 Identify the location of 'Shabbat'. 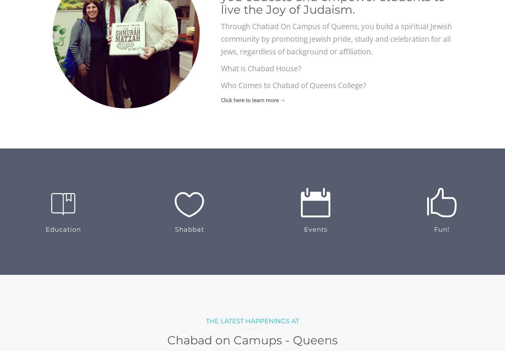
(189, 230).